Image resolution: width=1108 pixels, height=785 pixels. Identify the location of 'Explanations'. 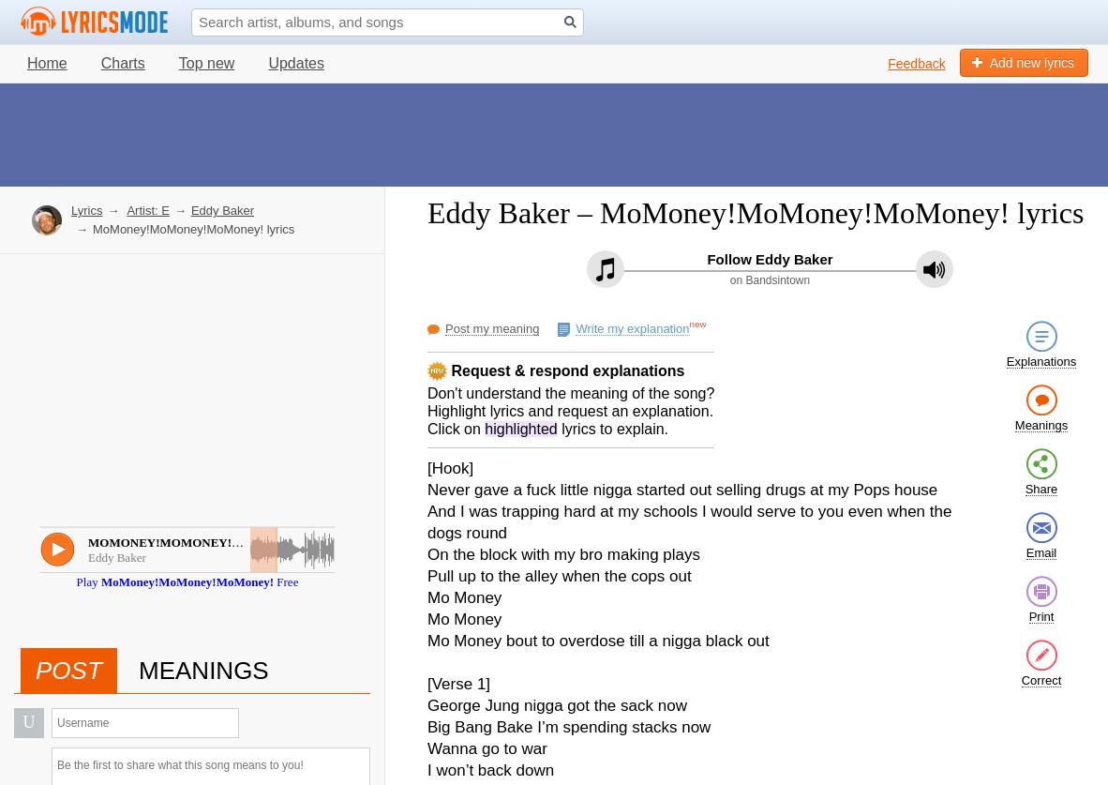
(1041, 361).